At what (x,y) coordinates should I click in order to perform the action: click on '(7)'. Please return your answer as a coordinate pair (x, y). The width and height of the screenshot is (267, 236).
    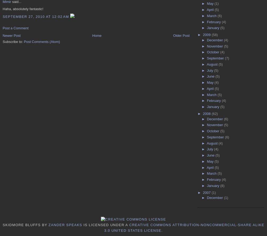
    Looking at the image, I should click on (227, 58).